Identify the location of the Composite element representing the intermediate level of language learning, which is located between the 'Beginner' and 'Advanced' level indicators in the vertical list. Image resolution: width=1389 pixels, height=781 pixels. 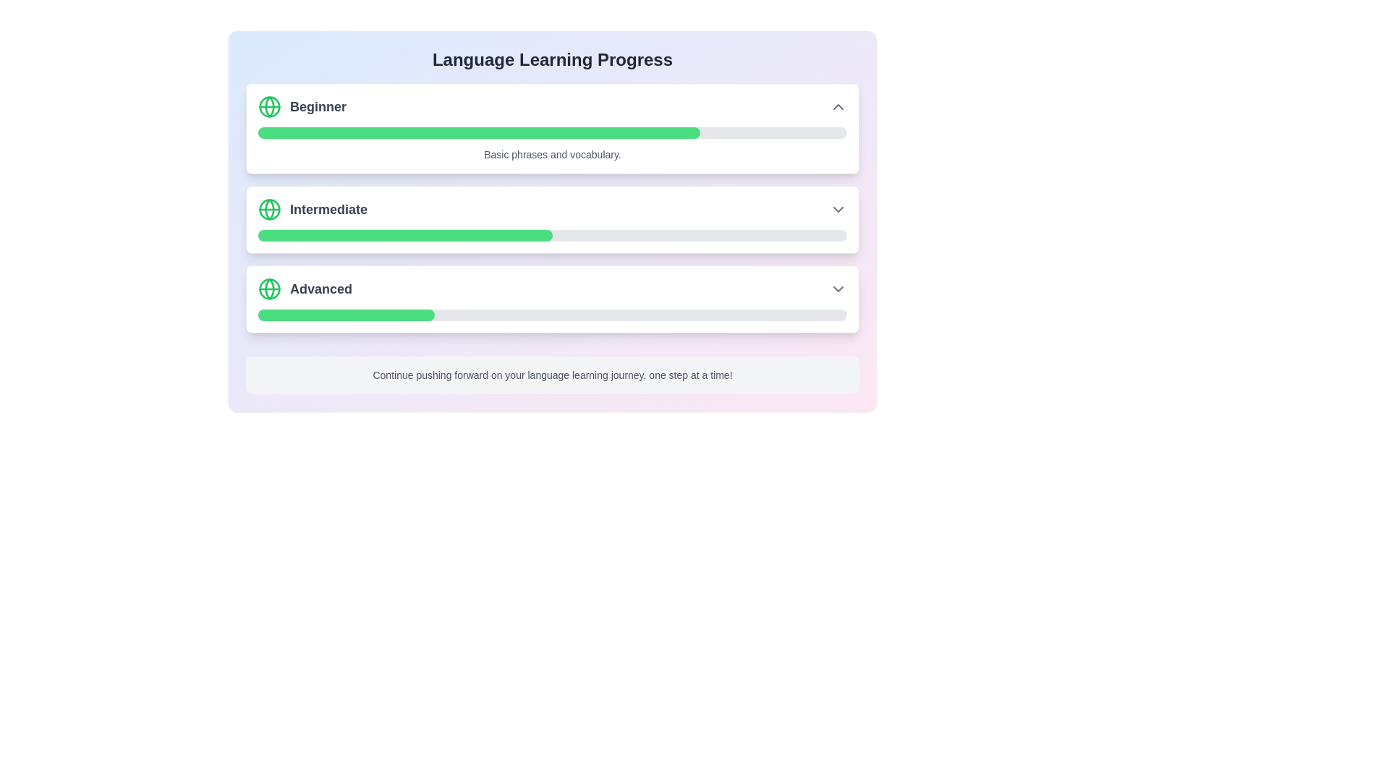
(312, 209).